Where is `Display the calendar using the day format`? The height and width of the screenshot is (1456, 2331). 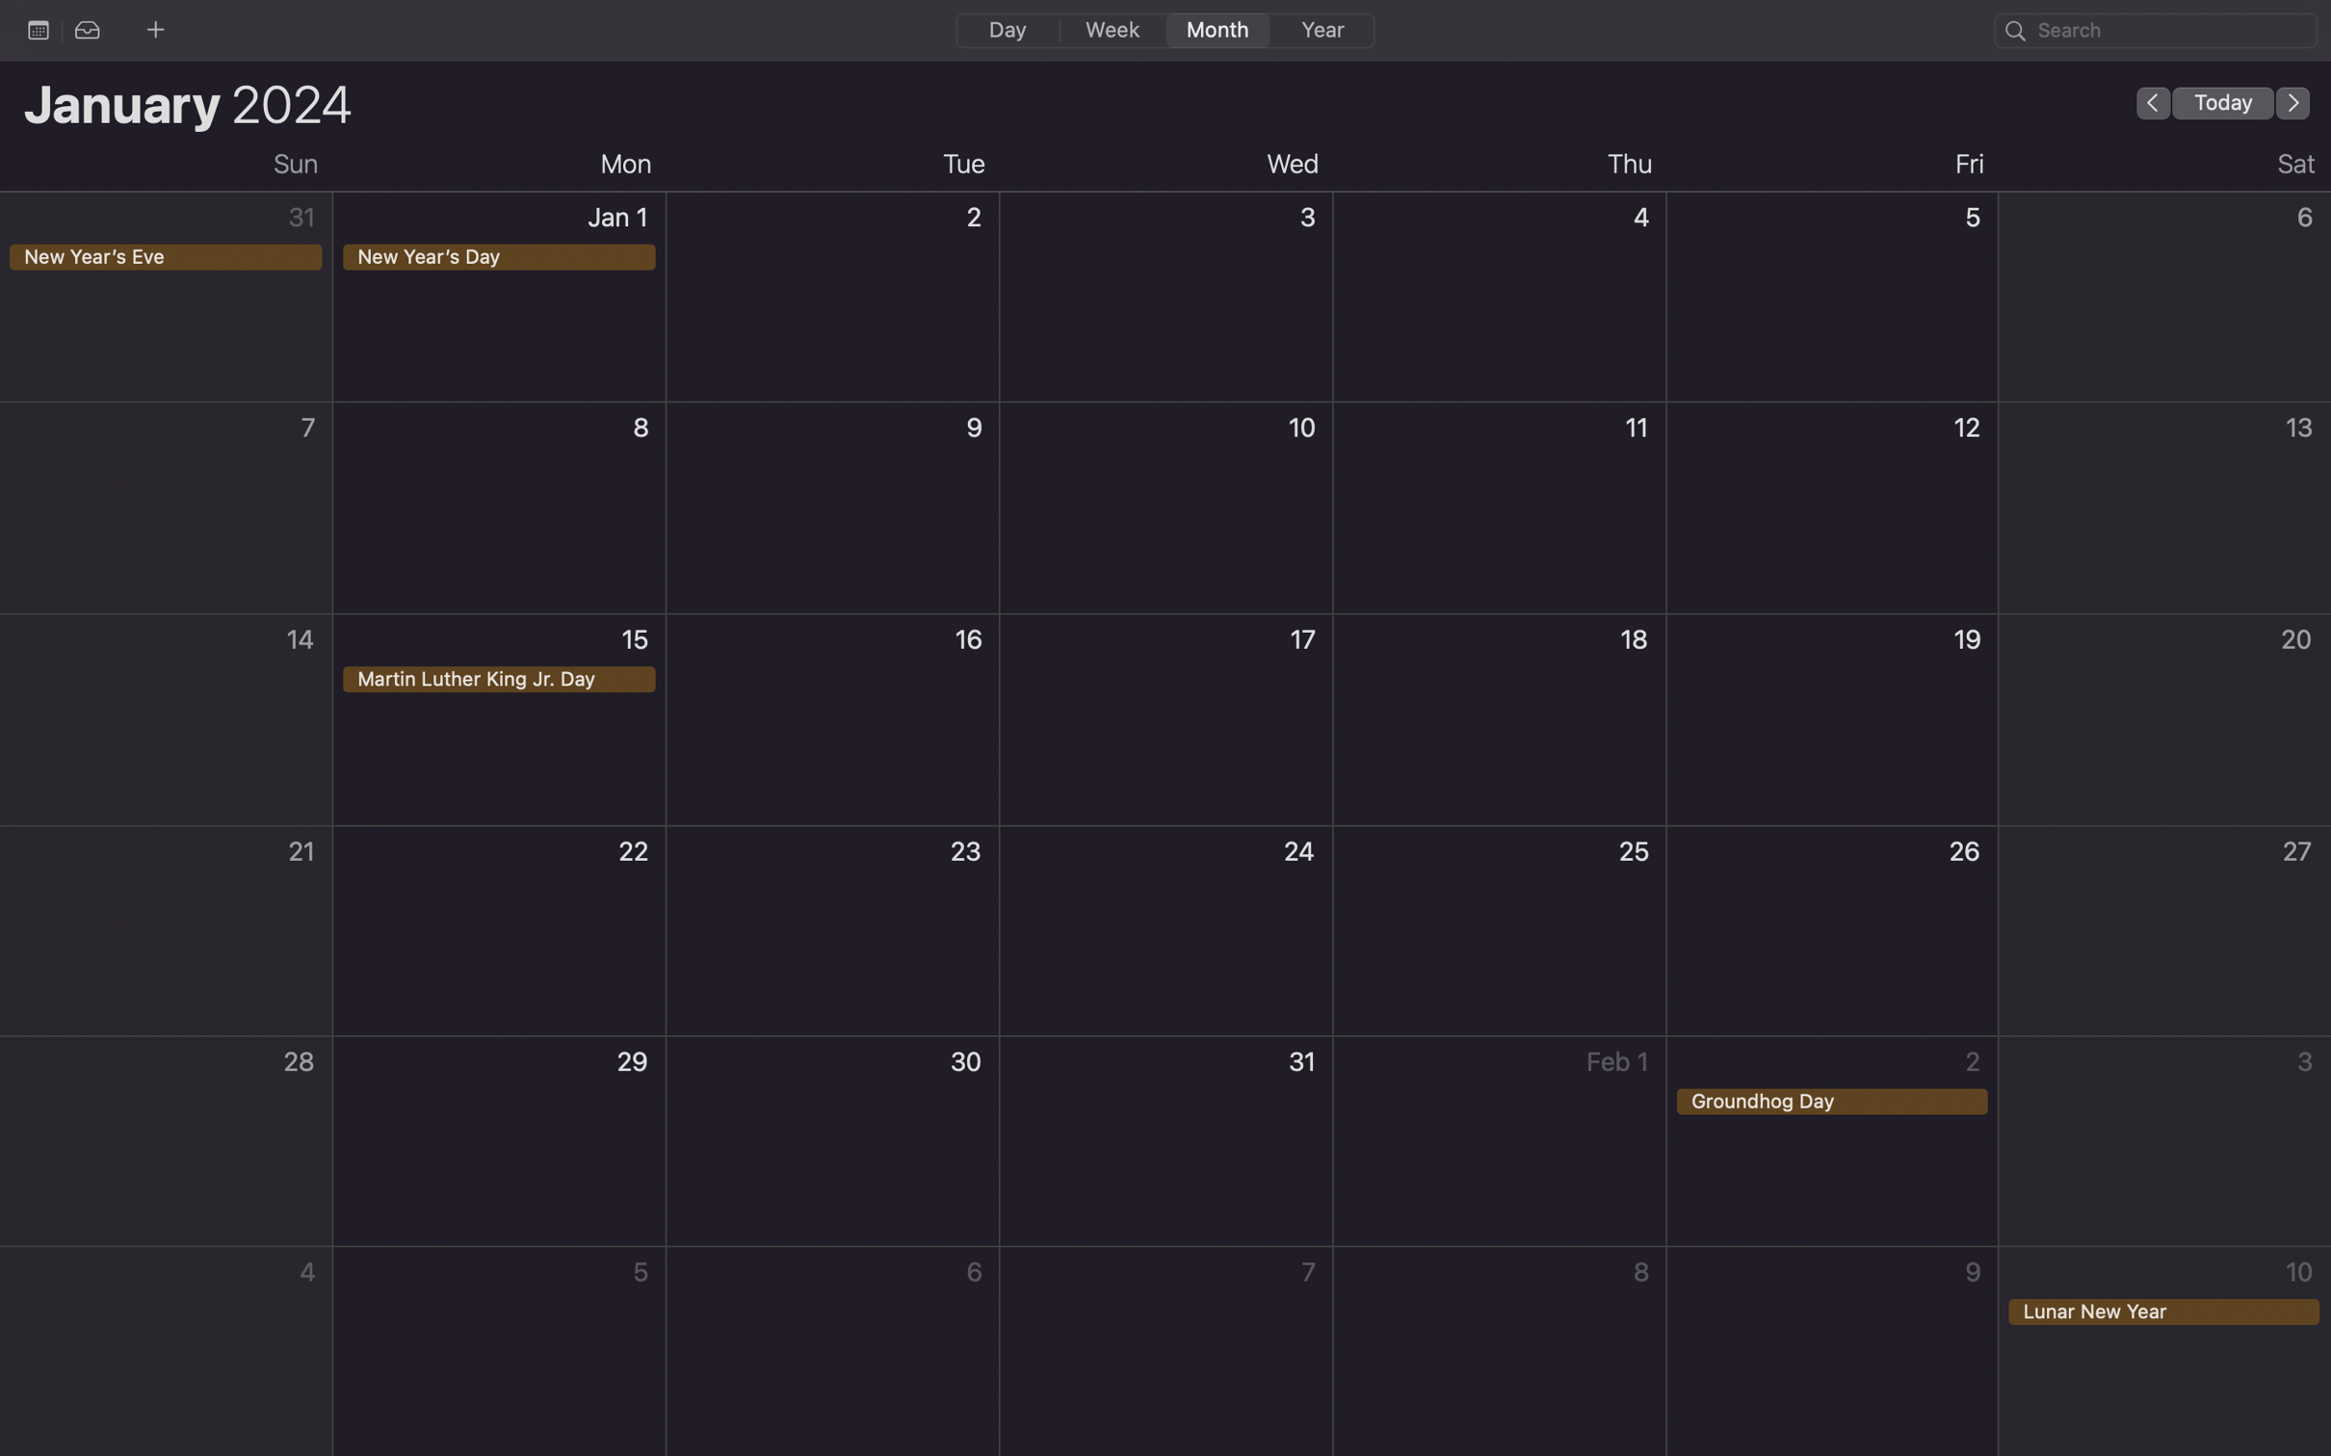
Display the calendar using the day format is located at coordinates (1006, 28).